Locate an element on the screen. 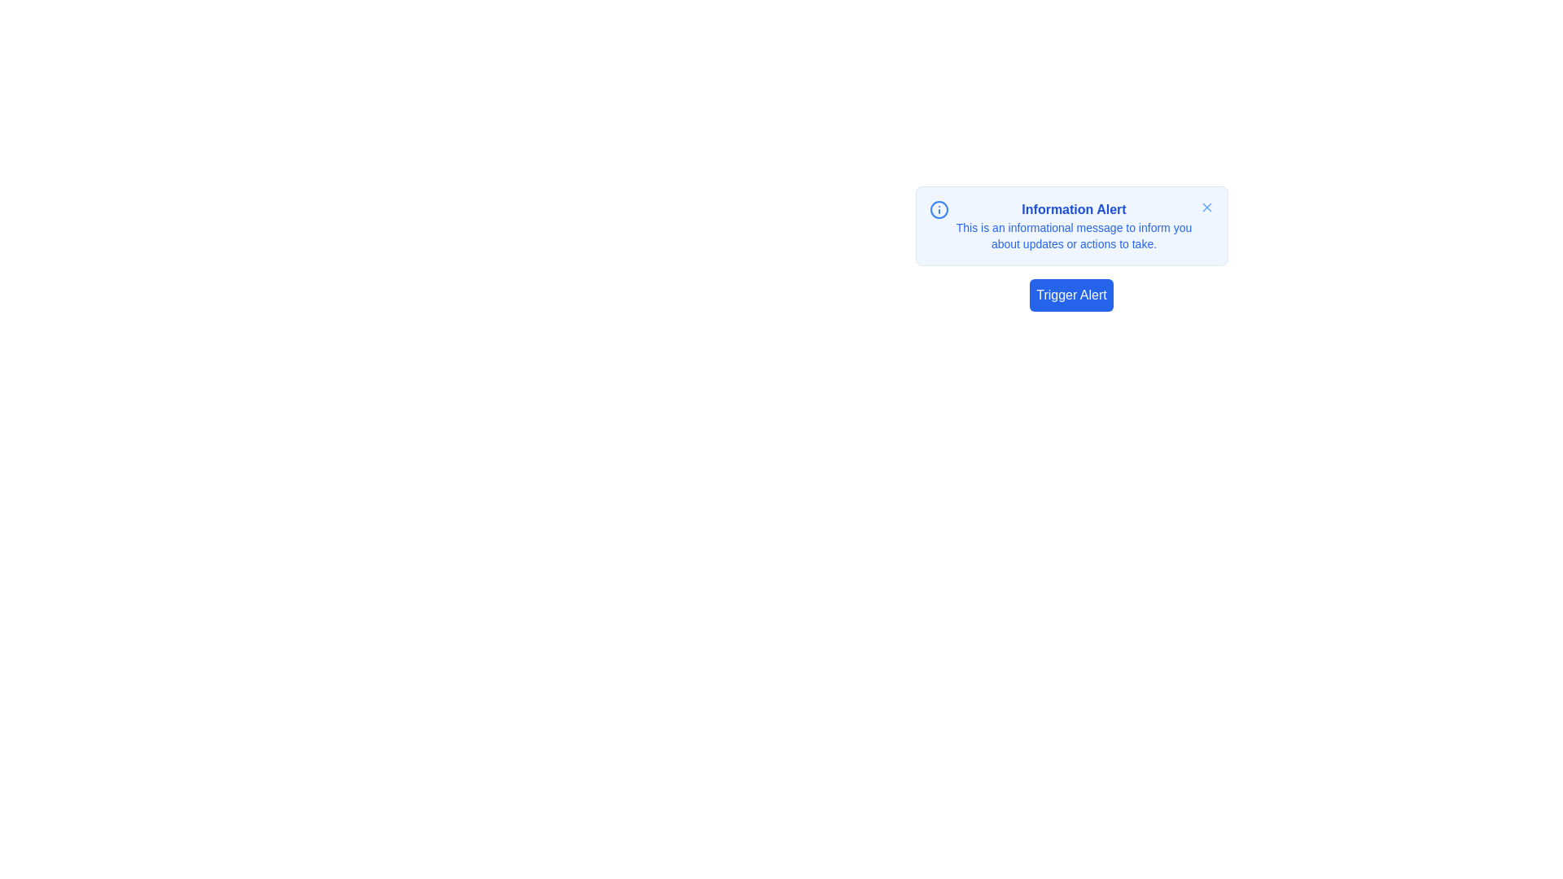  the interactive button located directly below the 'Information Alert' message box for accessibility navigation is located at coordinates (1071, 295).